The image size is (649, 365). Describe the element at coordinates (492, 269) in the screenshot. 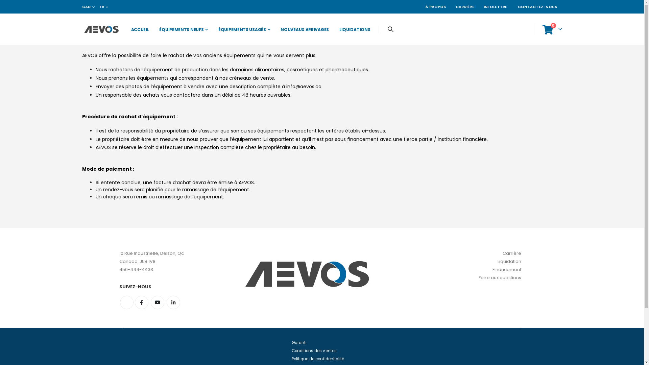

I see `'Financement'` at that location.